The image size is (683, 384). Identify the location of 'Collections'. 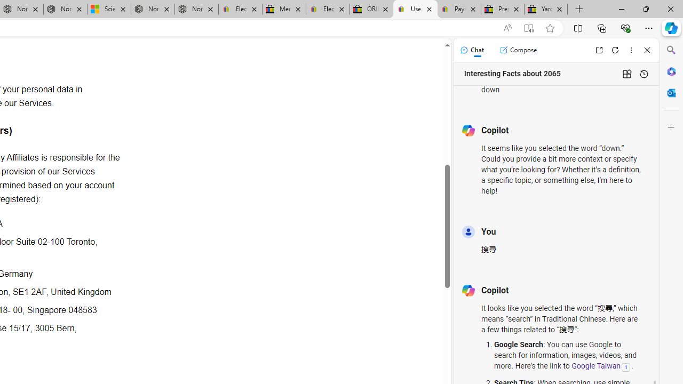
(602, 27).